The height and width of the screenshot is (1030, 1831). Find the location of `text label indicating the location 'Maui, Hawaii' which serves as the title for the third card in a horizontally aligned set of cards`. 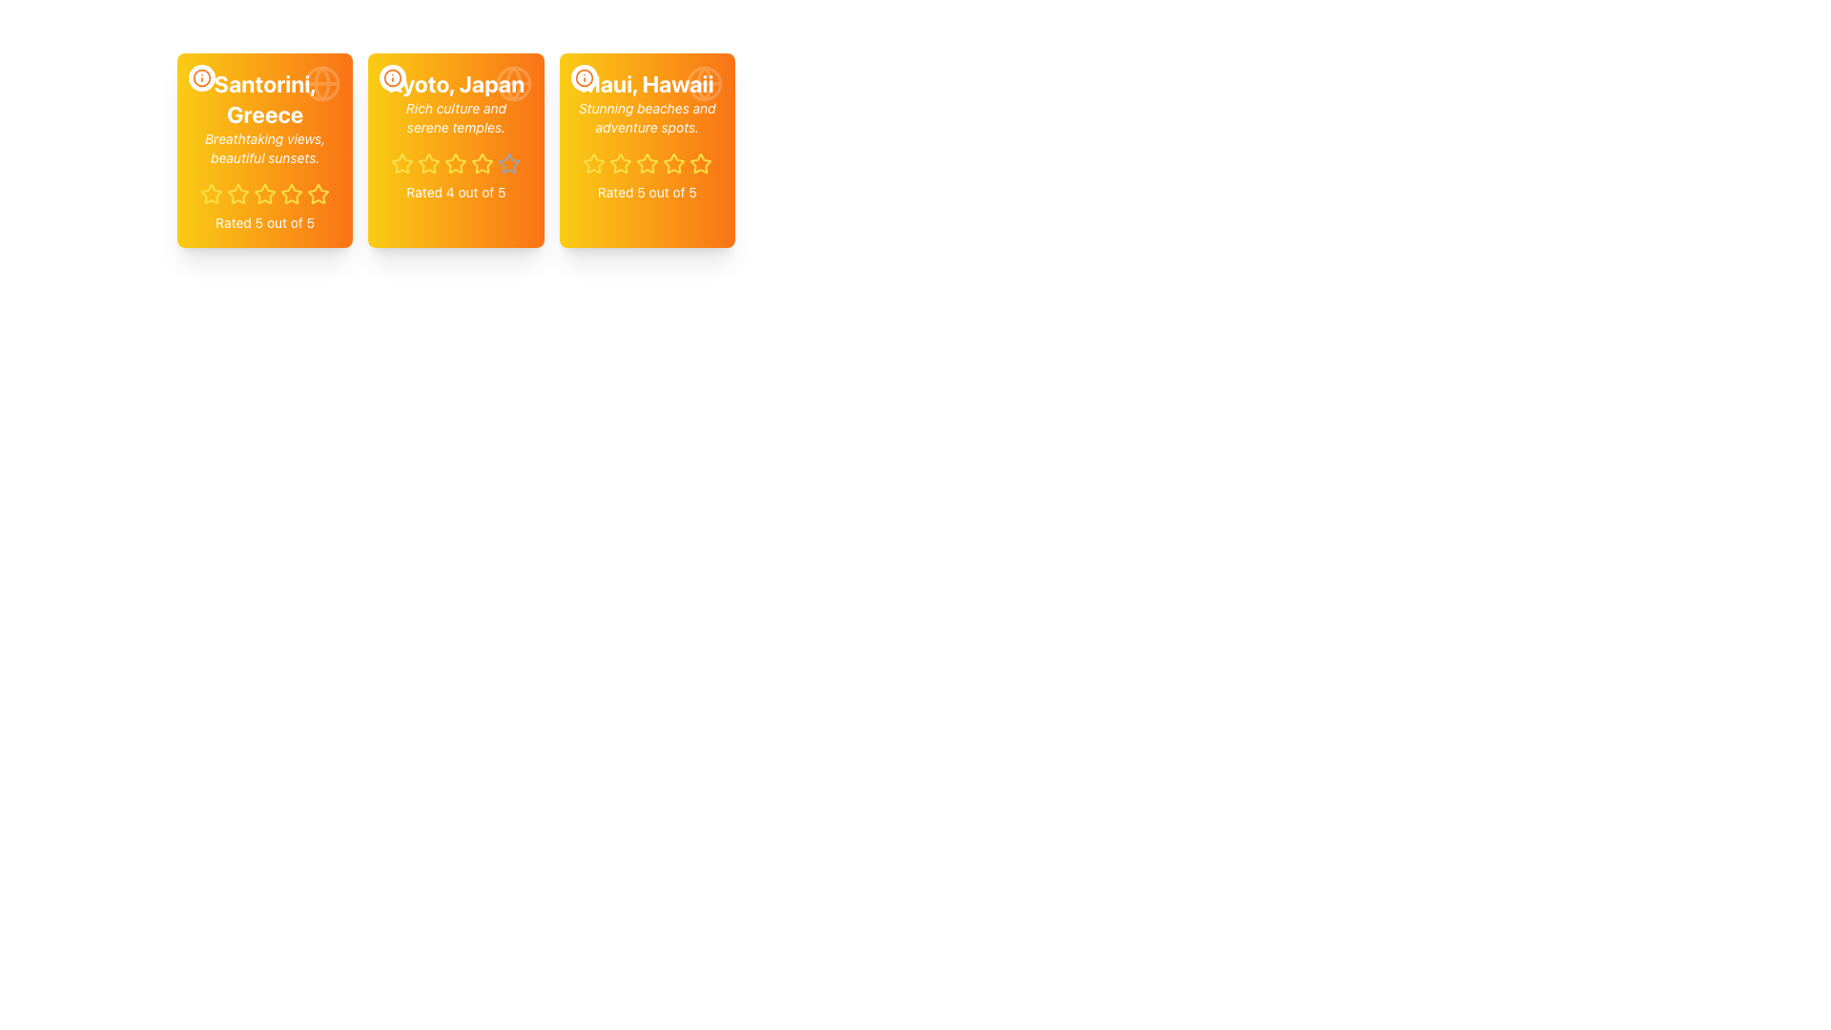

text label indicating the location 'Maui, Hawaii' which serves as the title for the third card in a horizontally aligned set of cards is located at coordinates (647, 83).